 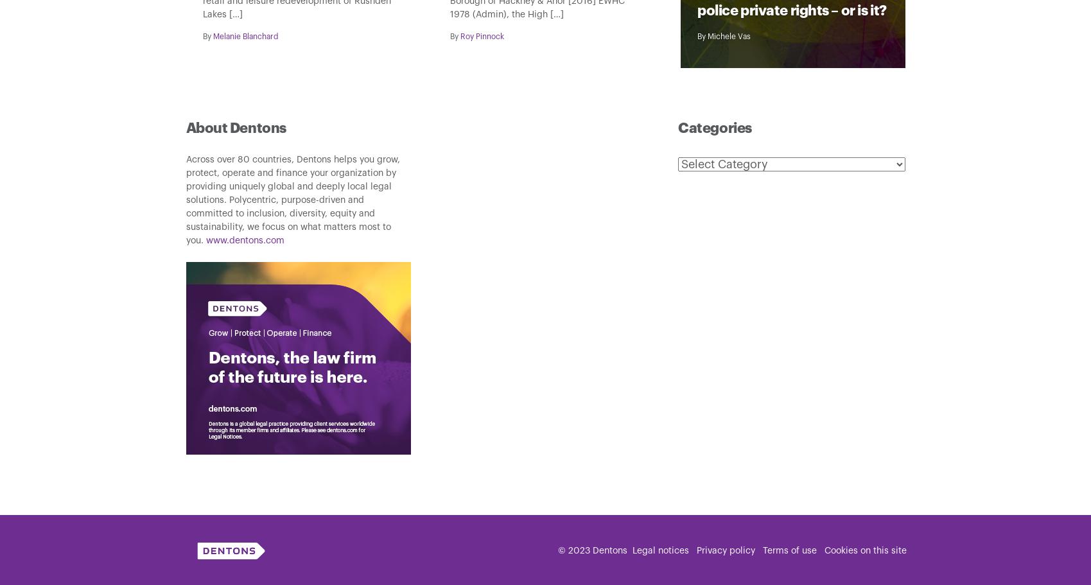 What do you see at coordinates (591, 550) in the screenshot?
I see `'© 2023 Dentons'` at bounding box center [591, 550].